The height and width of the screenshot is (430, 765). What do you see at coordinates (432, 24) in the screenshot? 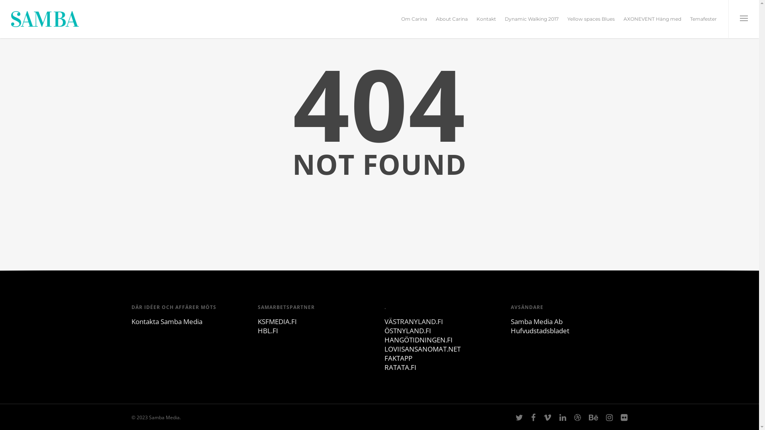
I see `'About Carina'` at bounding box center [432, 24].